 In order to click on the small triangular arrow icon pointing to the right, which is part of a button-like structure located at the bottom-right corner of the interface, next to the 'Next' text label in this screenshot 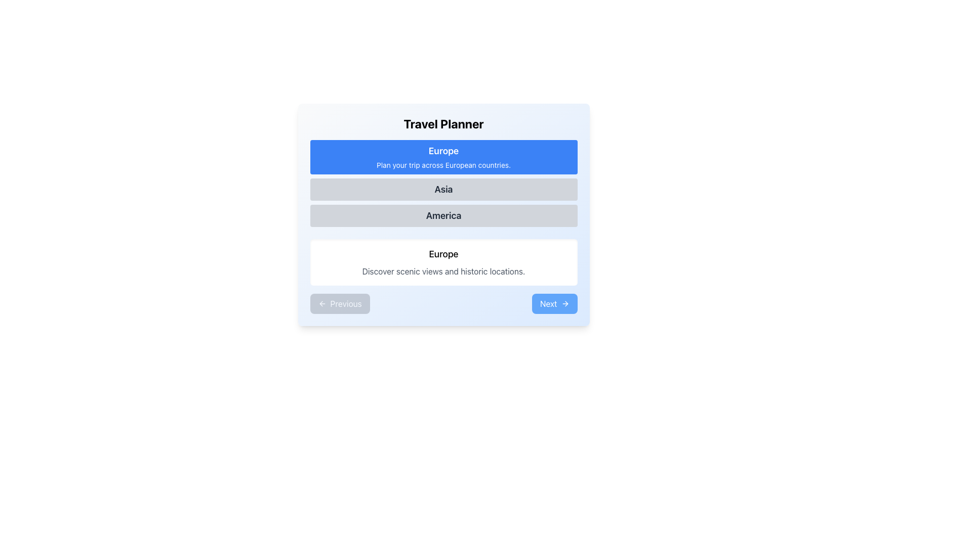, I will do `click(565, 303)`.